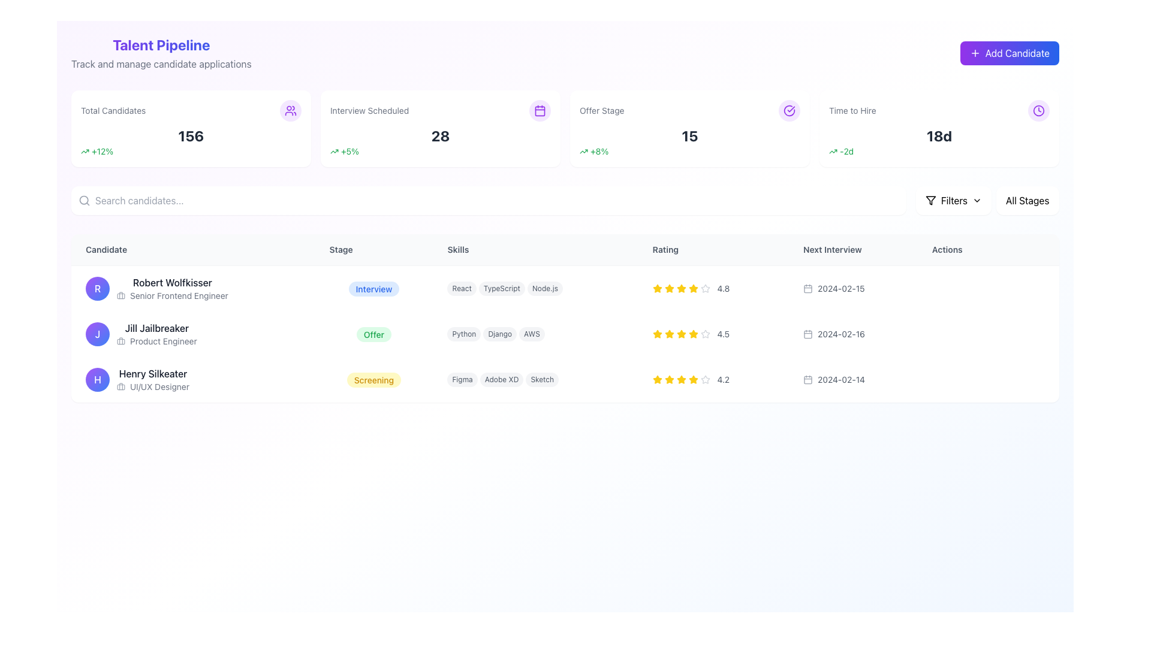  Describe the element at coordinates (852, 249) in the screenshot. I see `text from the 'Next Interview' label, which is the fifth text label in a horizontal header row, located between 'Rating' and 'Actions'` at that location.